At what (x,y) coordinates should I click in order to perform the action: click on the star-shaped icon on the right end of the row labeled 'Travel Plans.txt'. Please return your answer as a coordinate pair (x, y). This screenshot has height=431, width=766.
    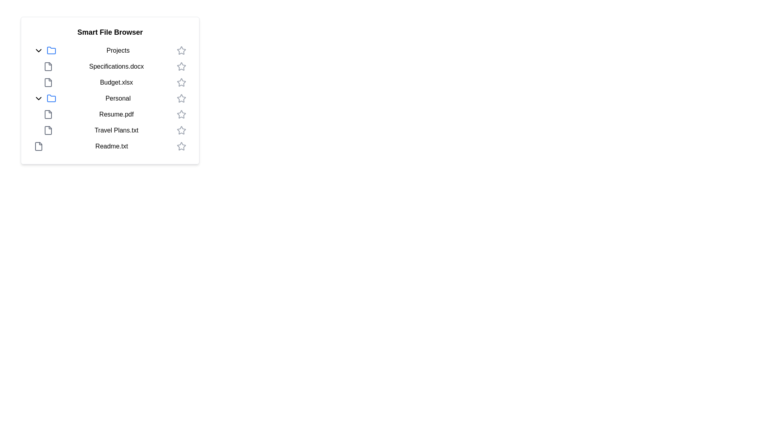
    Looking at the image, I should click on (181, 130).